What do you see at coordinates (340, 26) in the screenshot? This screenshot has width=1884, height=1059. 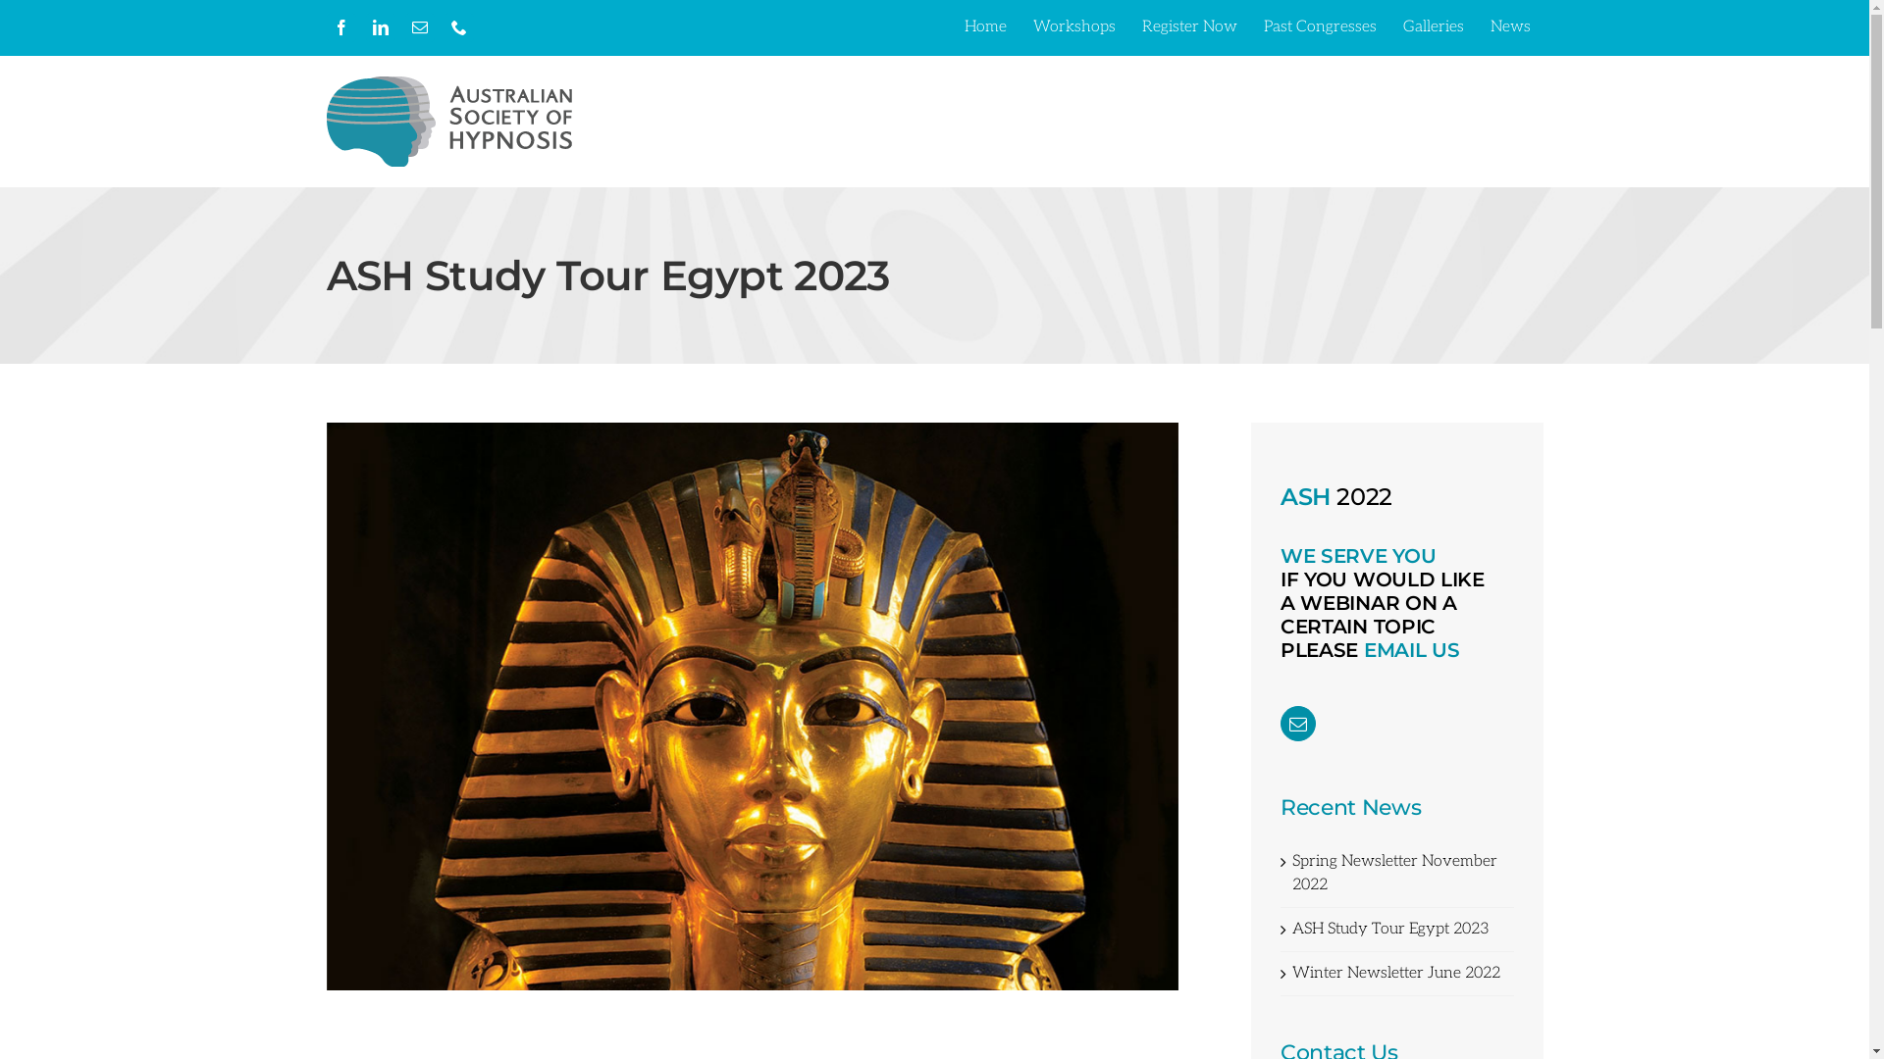 I see `'Facebook'` at bounding box center [340, 26].